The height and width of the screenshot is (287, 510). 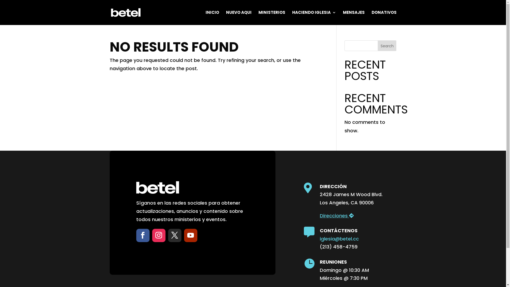 What do you see at coordinates (190, 235) in the screenshot?
I see `'Follow on Youtube'` at bounding box center [190, 235].